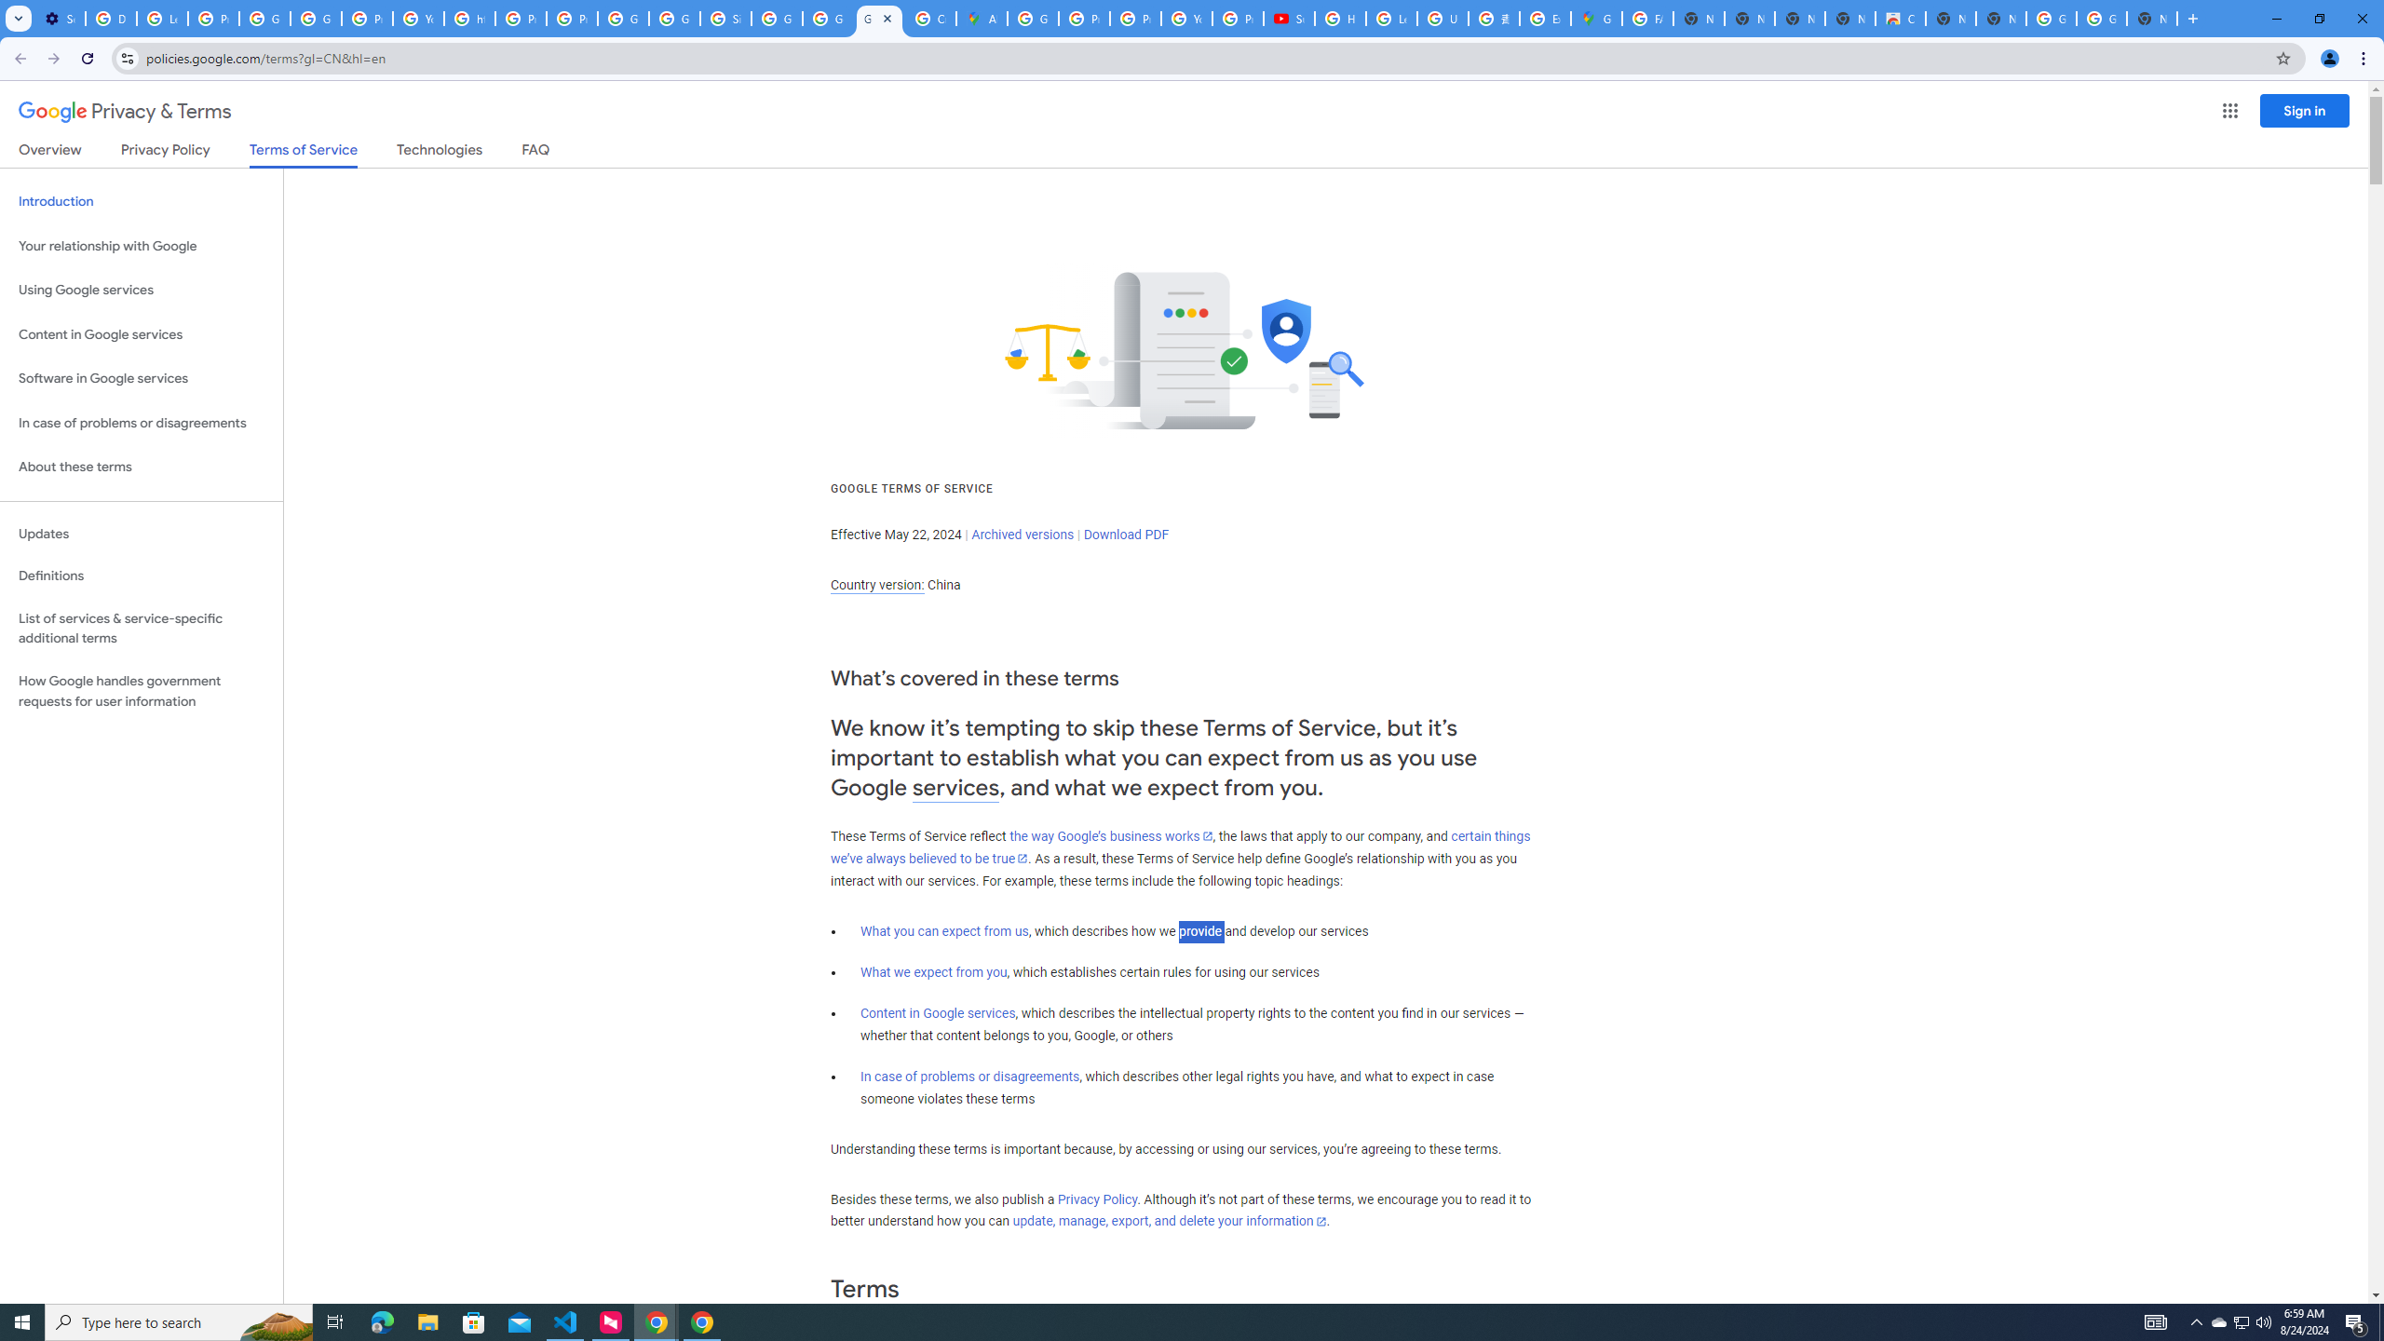 The width and height of the screenshot is (2384, 1341). Describe the element at coordinates (535, 153) in the screenshot. I see `'FAQ'` at that location.